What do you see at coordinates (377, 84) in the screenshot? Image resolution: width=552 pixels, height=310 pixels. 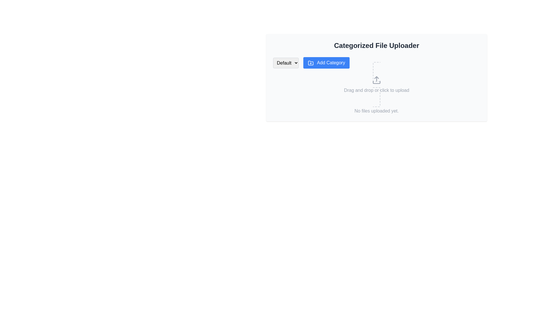 I see `the center of the file upload zone, which is a rectangular area with dashed borders and rounded corners, containing an upload icon and the text 'Drag and drop or click to upload'` at bounding box center [377, 84].